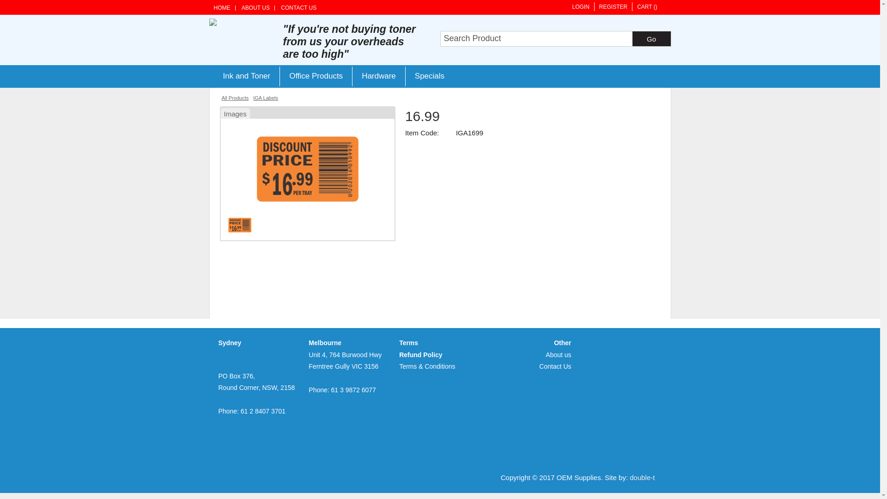 The width and height of the screenshot is (887, 499). What do you see at coordinates (646, 6) in the screenshot?
I see `'CART ()'` at bounding box center [646, 6].